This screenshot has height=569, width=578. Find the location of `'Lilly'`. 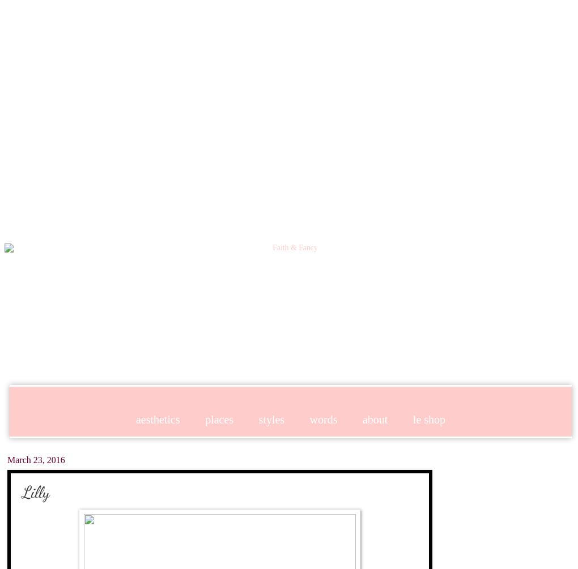

'Lilly' is located at coordinates (36, 491).